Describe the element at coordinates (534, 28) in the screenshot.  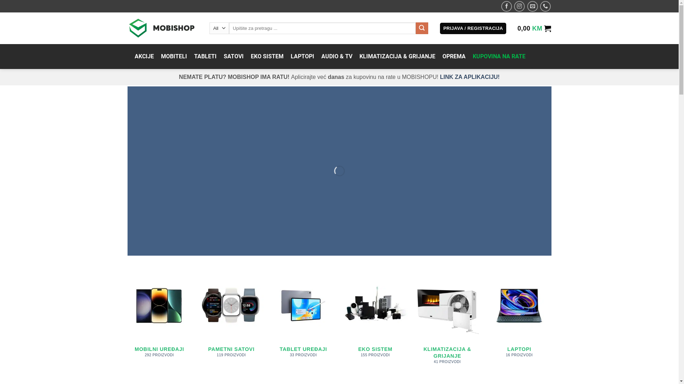
I see `'0,00 KM'` at that location.